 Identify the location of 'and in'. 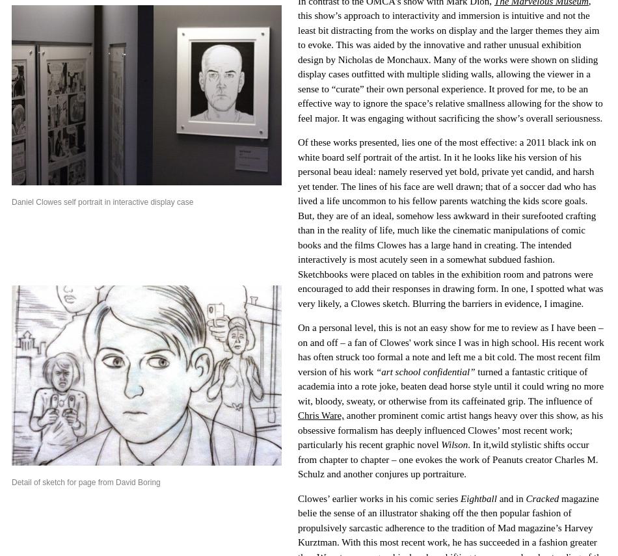
(496, 497).